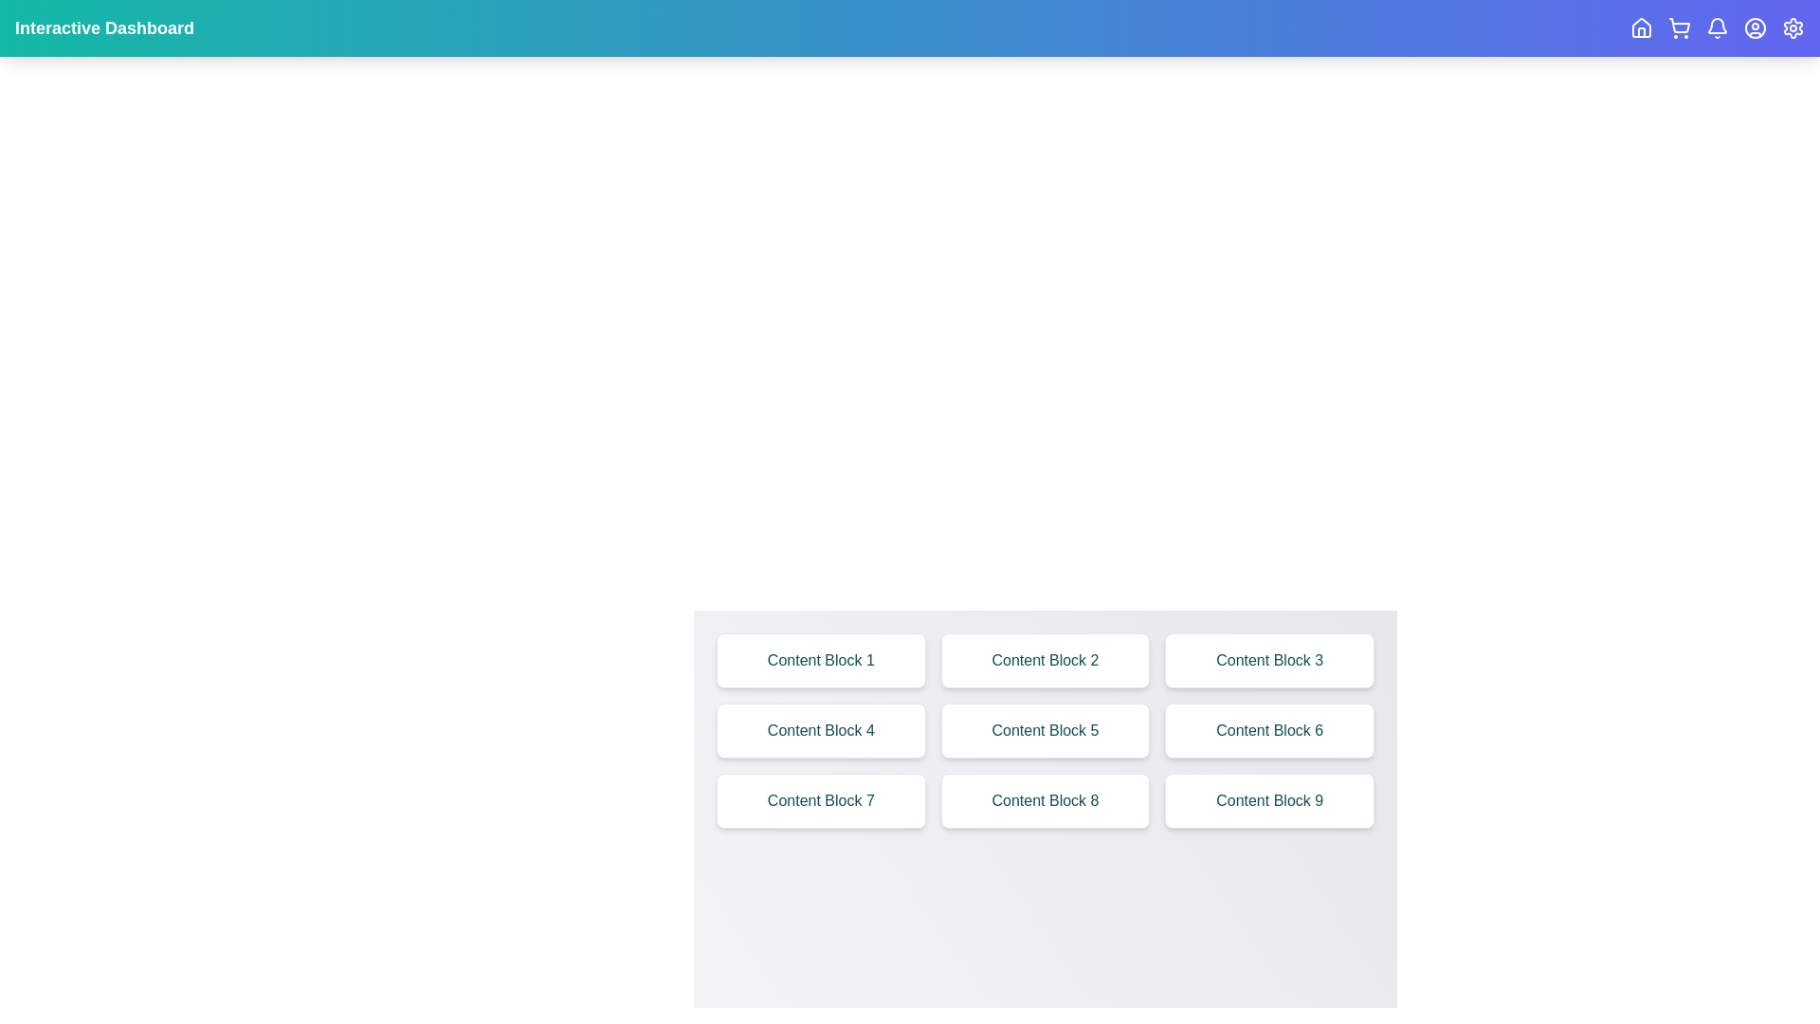  Describe the element at coordinates (1717, 28) in the screenshot. I see `the interactive icon corresponding to Bell` at that location.